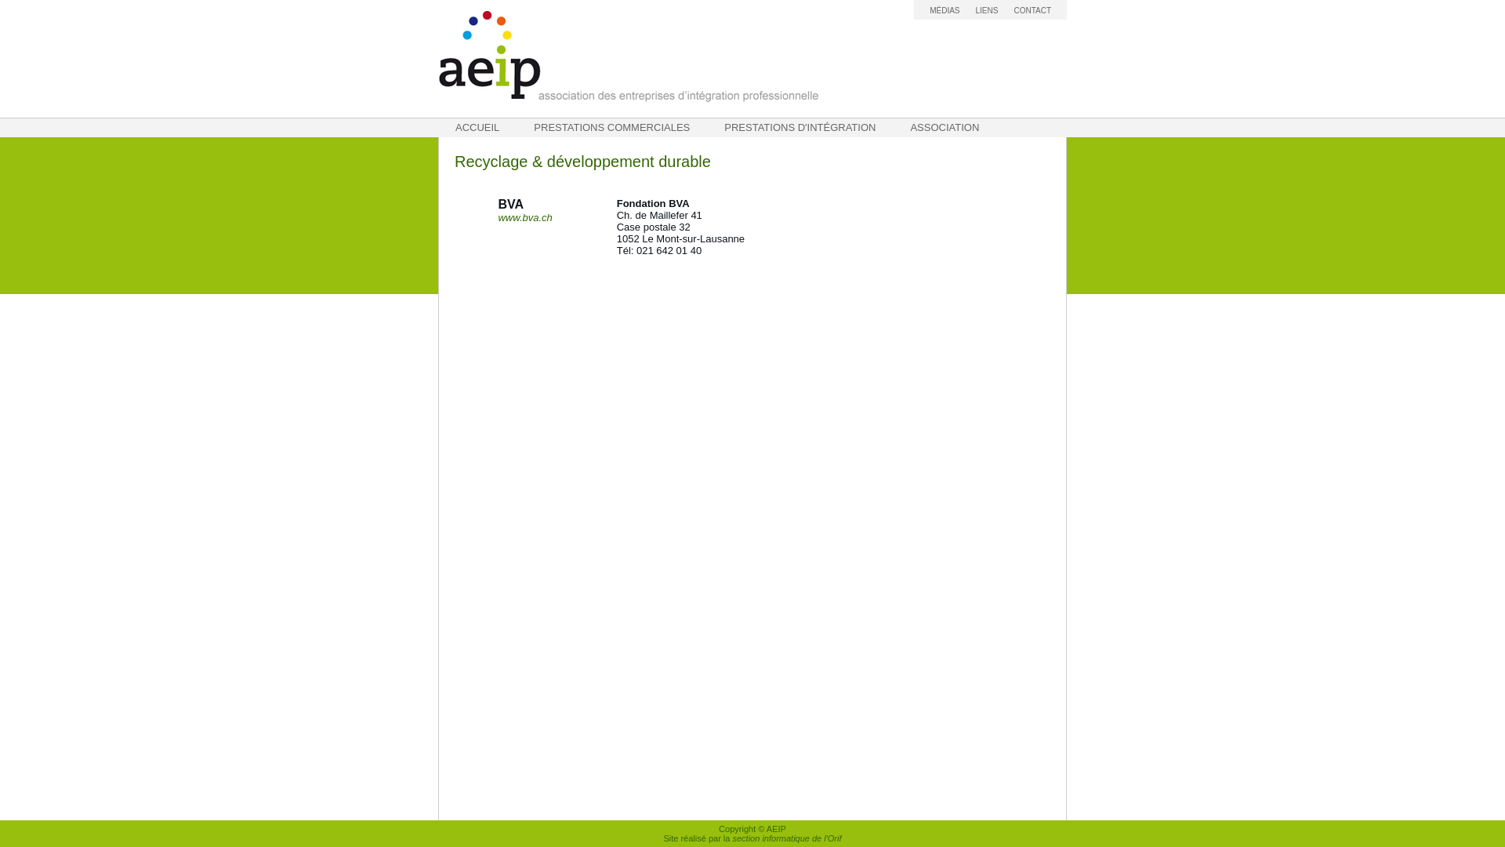  I want to click on 'www.bva.ch', so click(496, 217).